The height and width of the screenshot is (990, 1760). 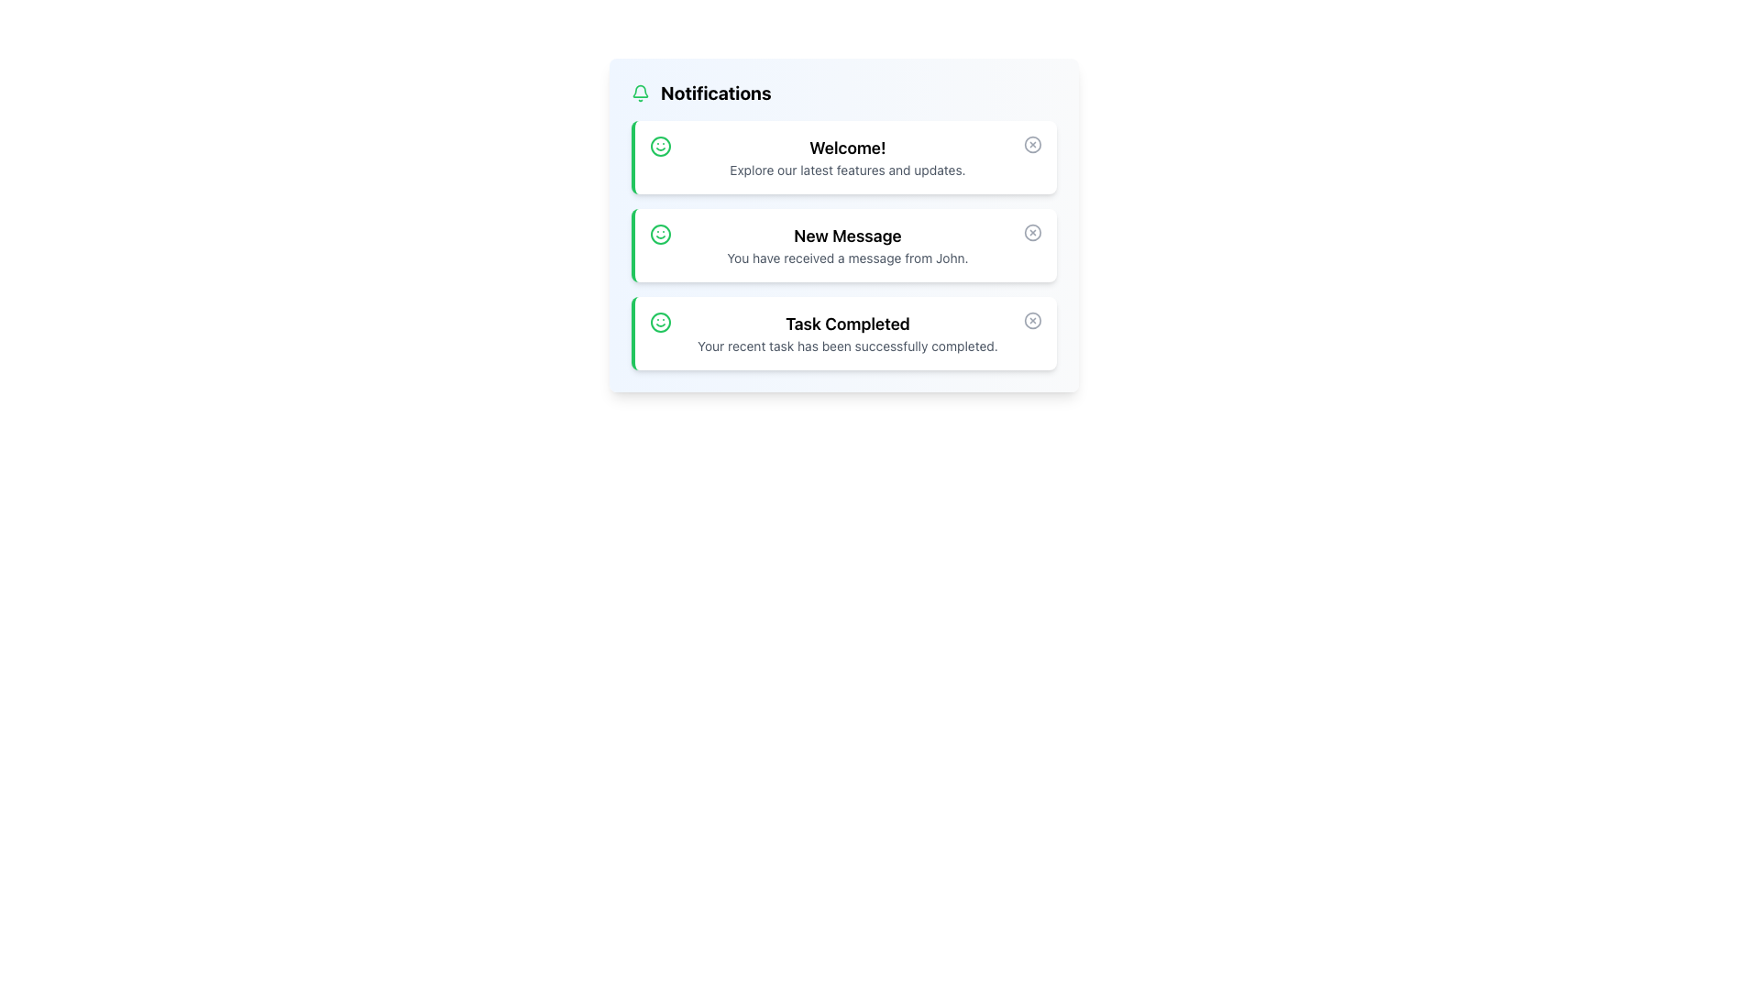 I want to click on the small circular close button located at the top-right corner of the 'Welcome!' notification card, so click(x=1033, y=144).